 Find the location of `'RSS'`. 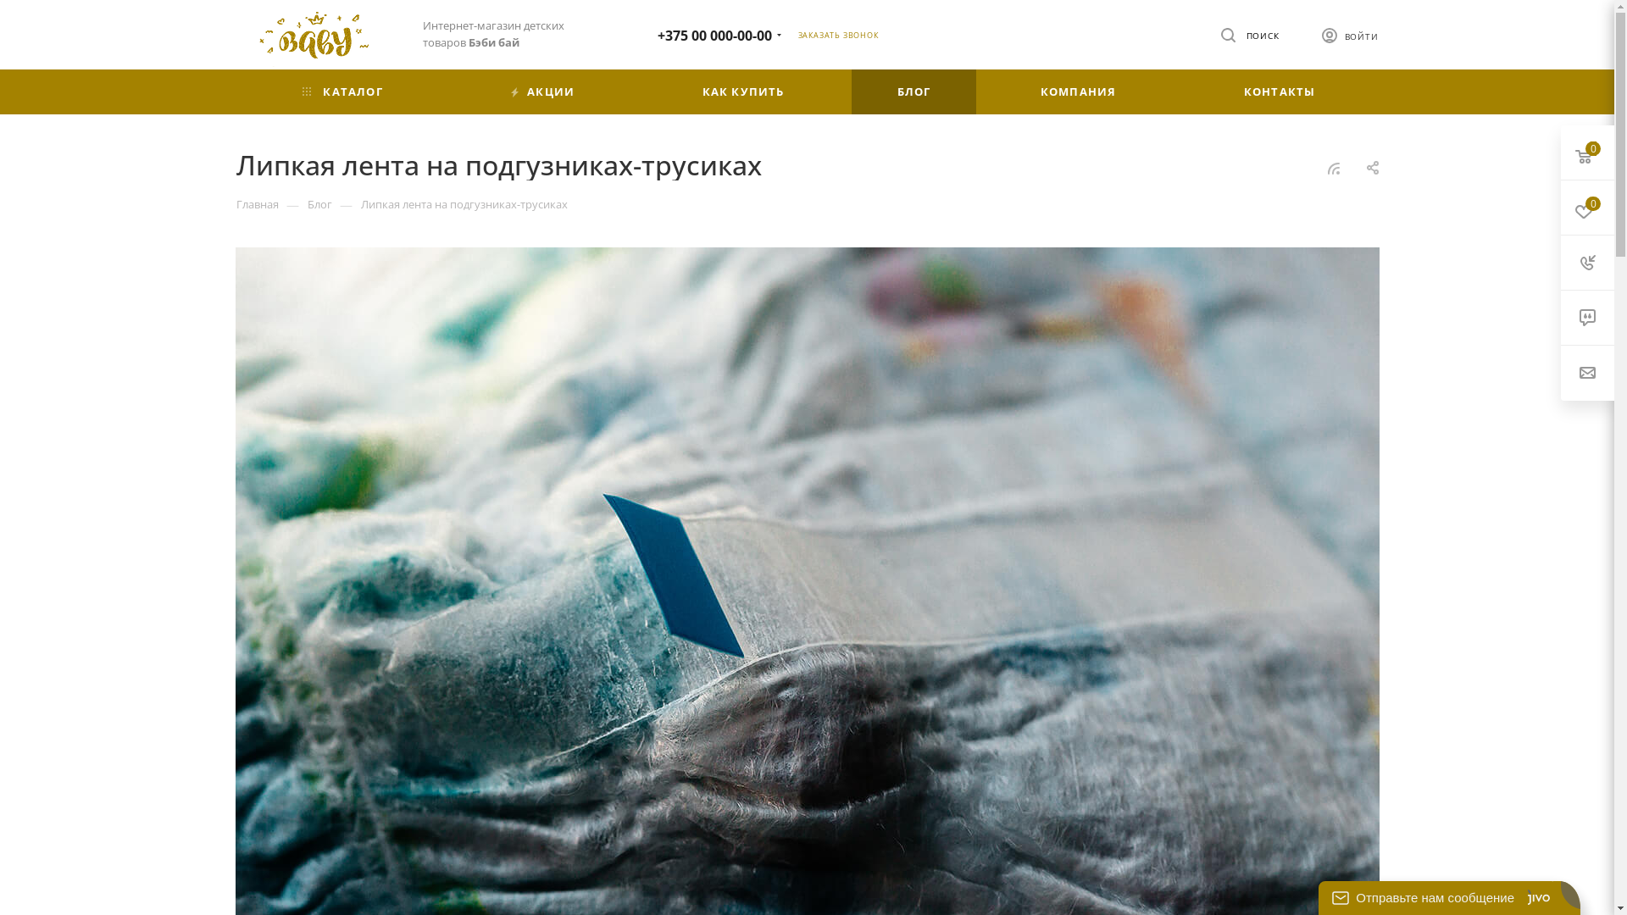

'RSS' is located at coordinates (1326, 167).